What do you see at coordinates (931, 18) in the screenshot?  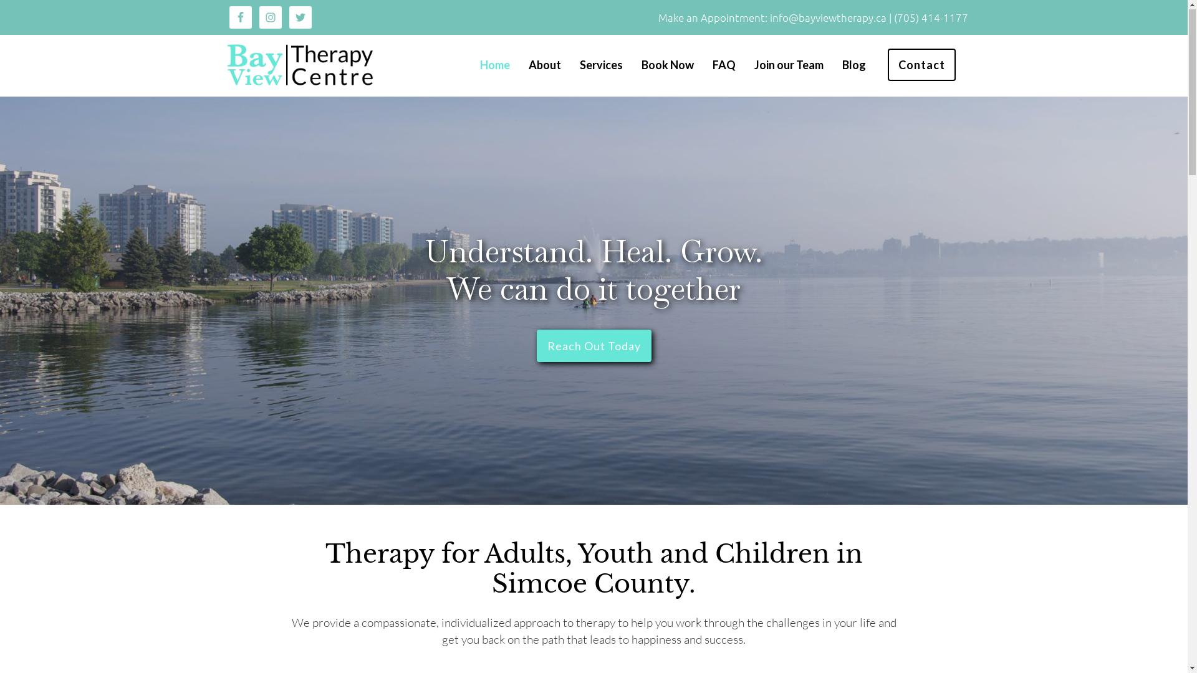 I see `'(705) 414-1177'` at bounding box center [931, 18].